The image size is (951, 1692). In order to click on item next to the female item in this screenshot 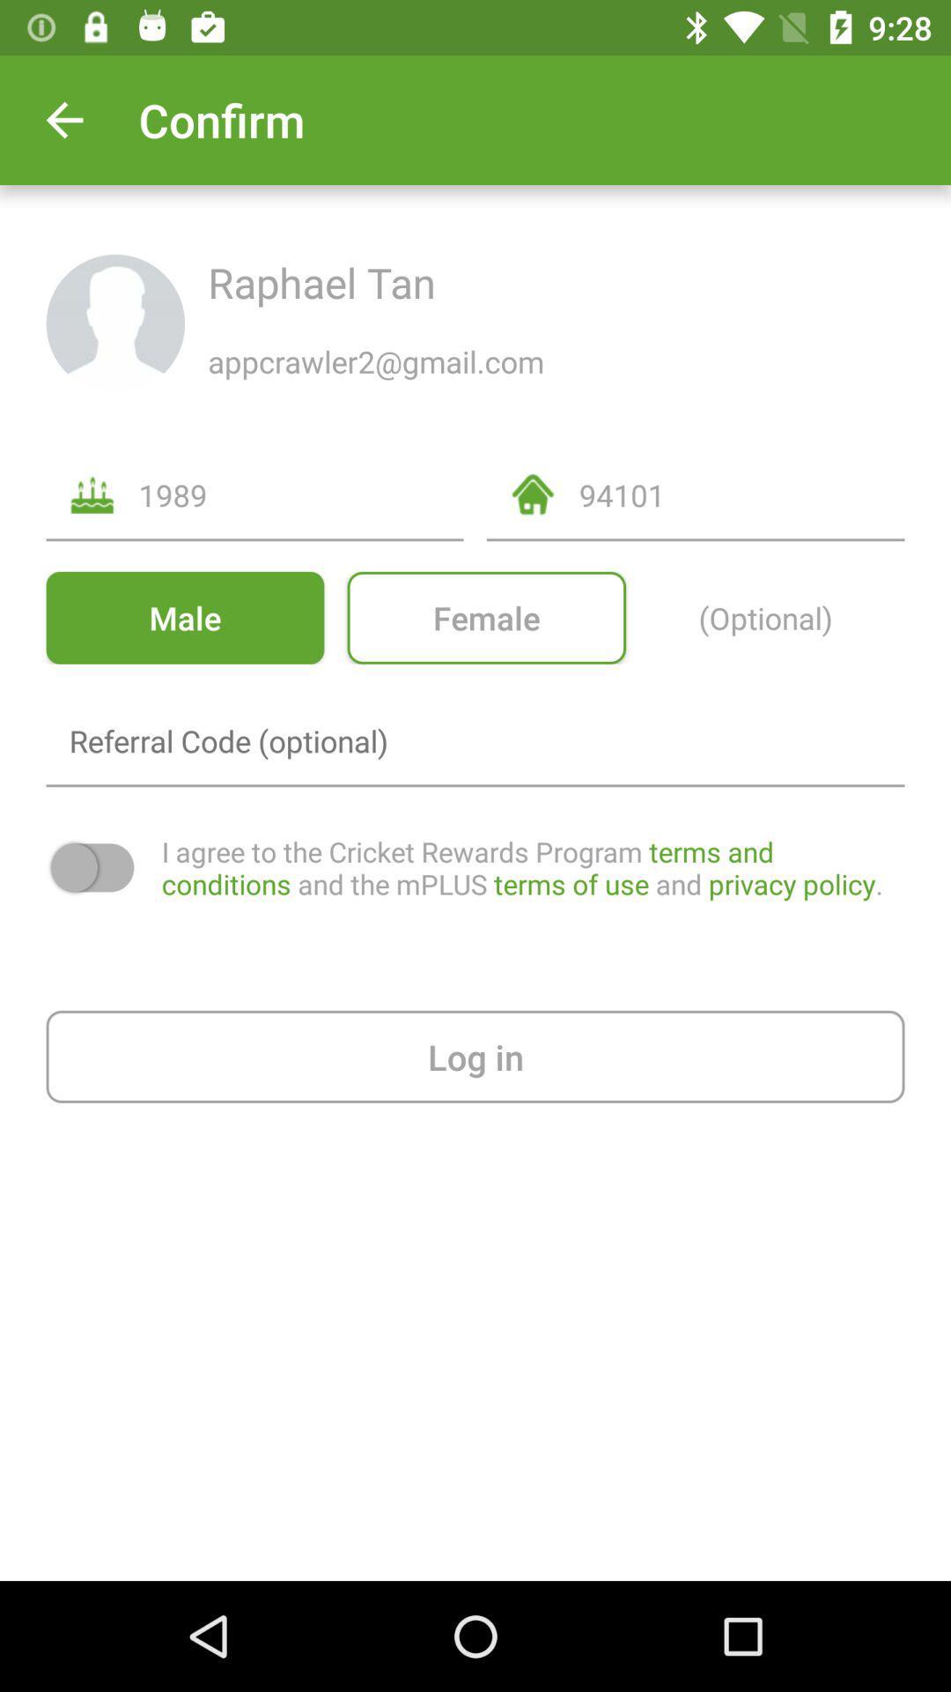, I will do `click(185, 618)`.